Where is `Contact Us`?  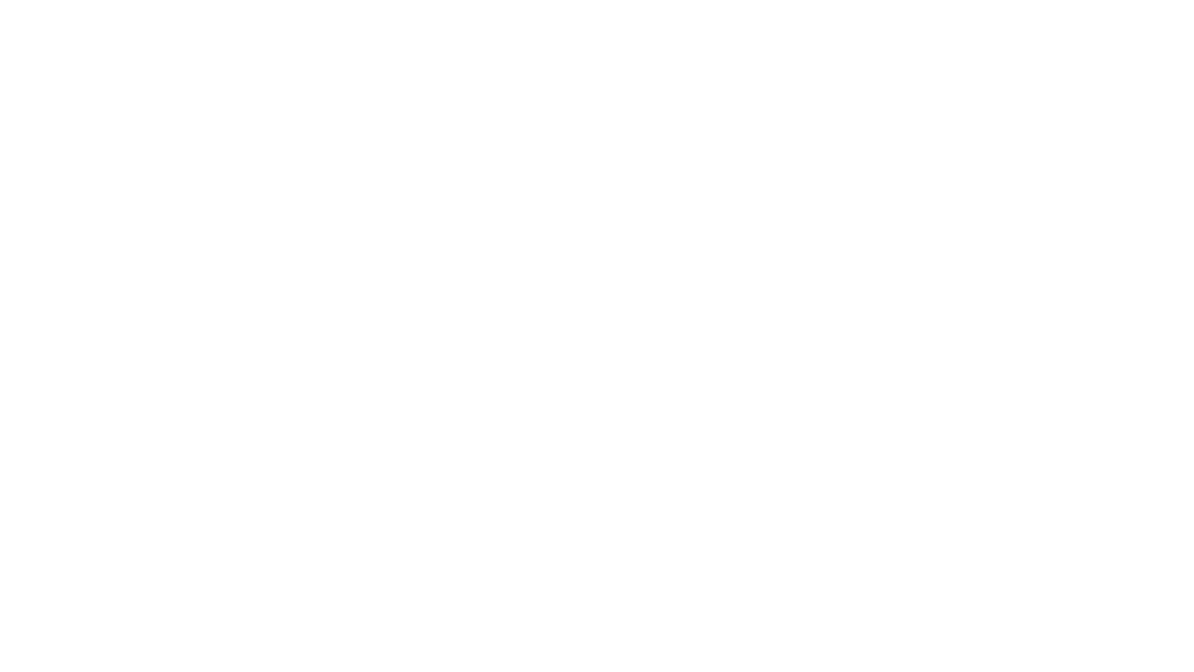 Contact Us is located at coordinates (851, 39).